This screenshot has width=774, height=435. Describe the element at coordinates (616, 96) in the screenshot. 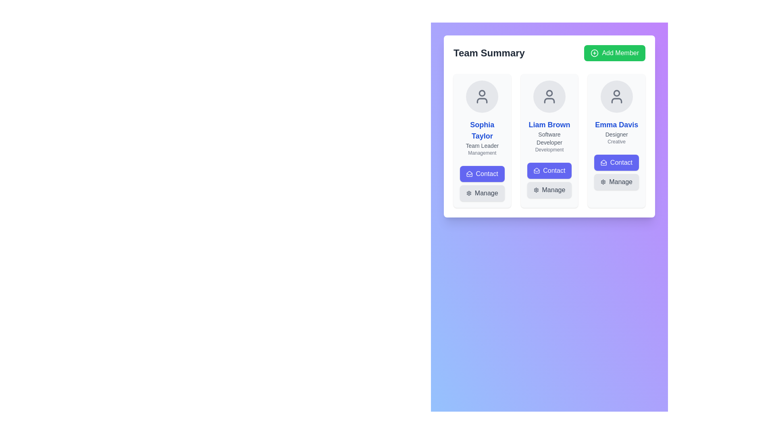

I see `the user profile icon for 'Emma Davis', which is an SVG icon depicting a user profile silhouette located in the third card from the left in a grid of team member profiles` at that location.